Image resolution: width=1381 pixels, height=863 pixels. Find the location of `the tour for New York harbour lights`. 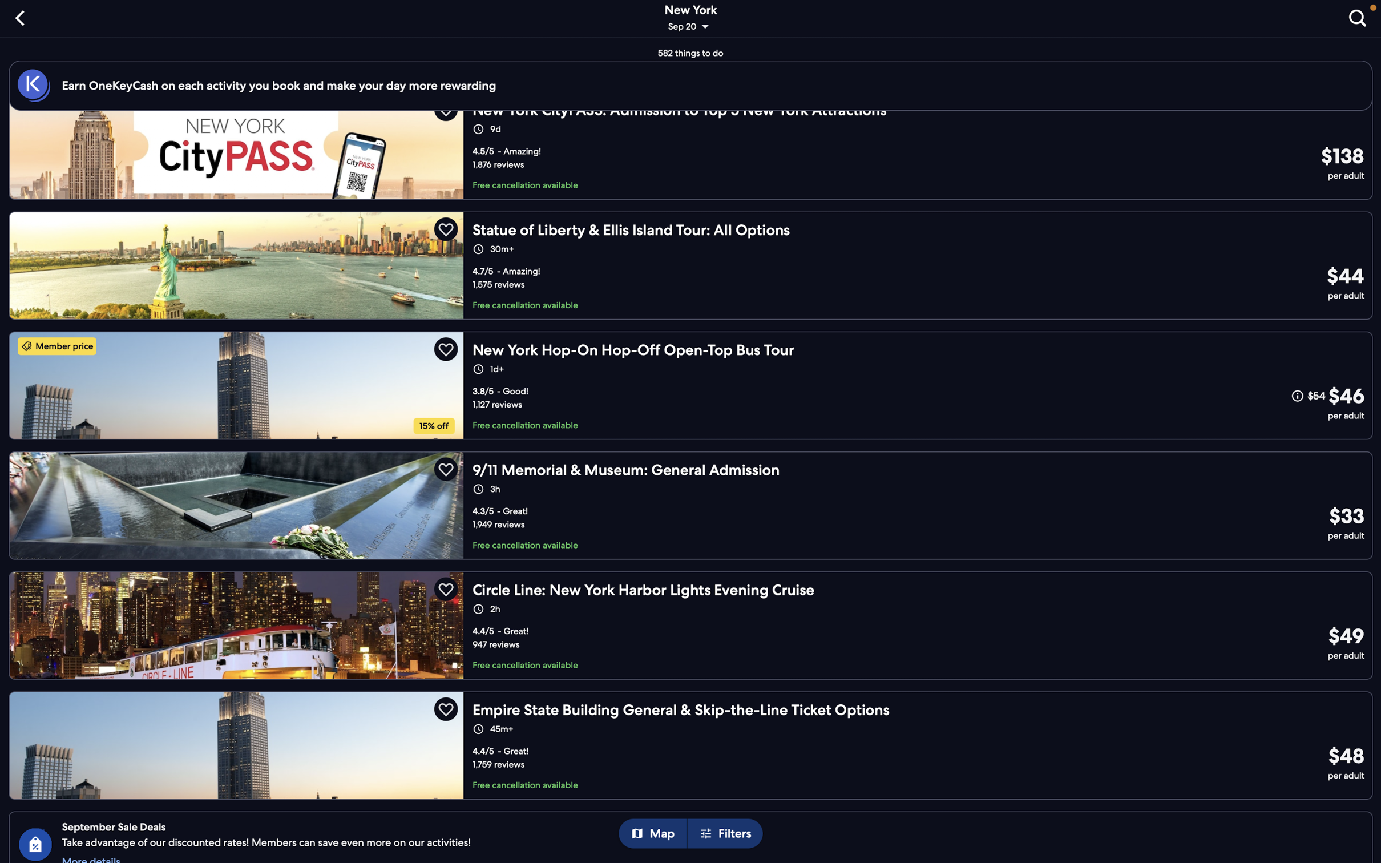

the tour for New York harbour lights is located at coordinates (694, 621).